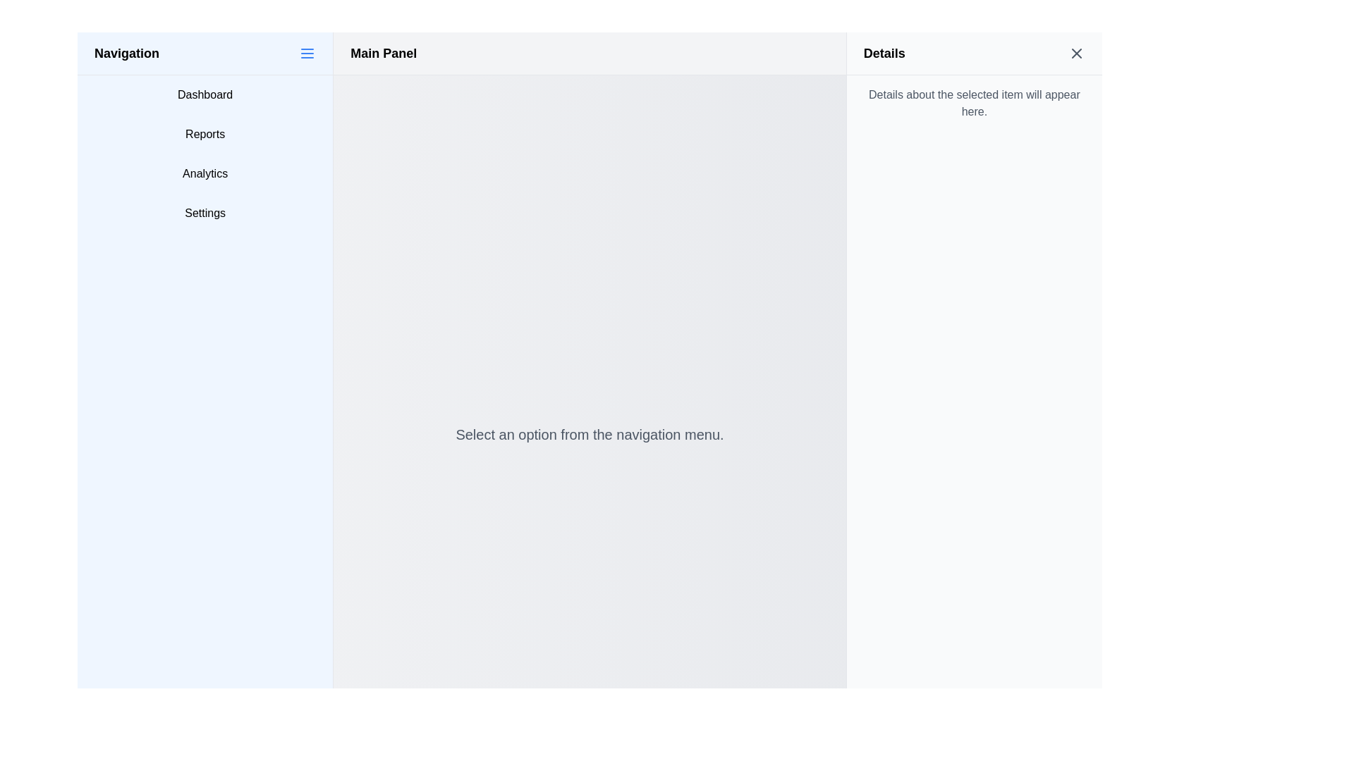  Describe the element at coordinates (1075, 53) in the screenshot. I see `the 'X' icon in the header of the 'Details' section` at that location.